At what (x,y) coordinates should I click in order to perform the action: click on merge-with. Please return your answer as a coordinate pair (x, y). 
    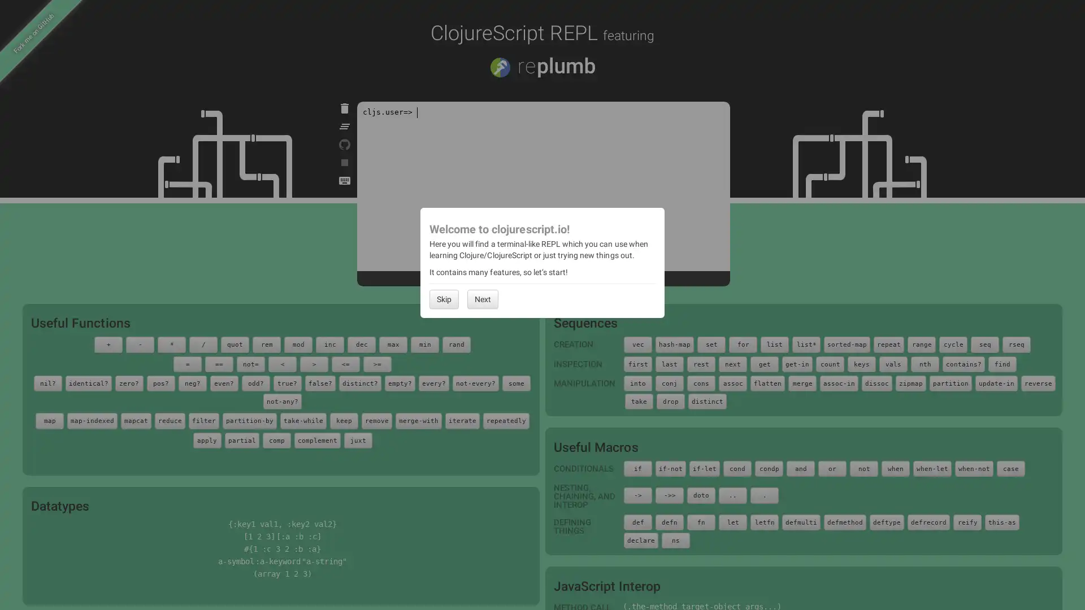
    Looking at the image, I should click on (418, 420).